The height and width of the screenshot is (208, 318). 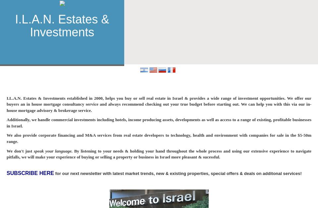 What do you see at coordinates (159, 122) in the screenshot?
I see `'Additionally, we handle commercial investments including hotels, income producing assets, developments as well as access to a range of existing, profitable businesses in Israel.'` at bounding box center [159, 122].